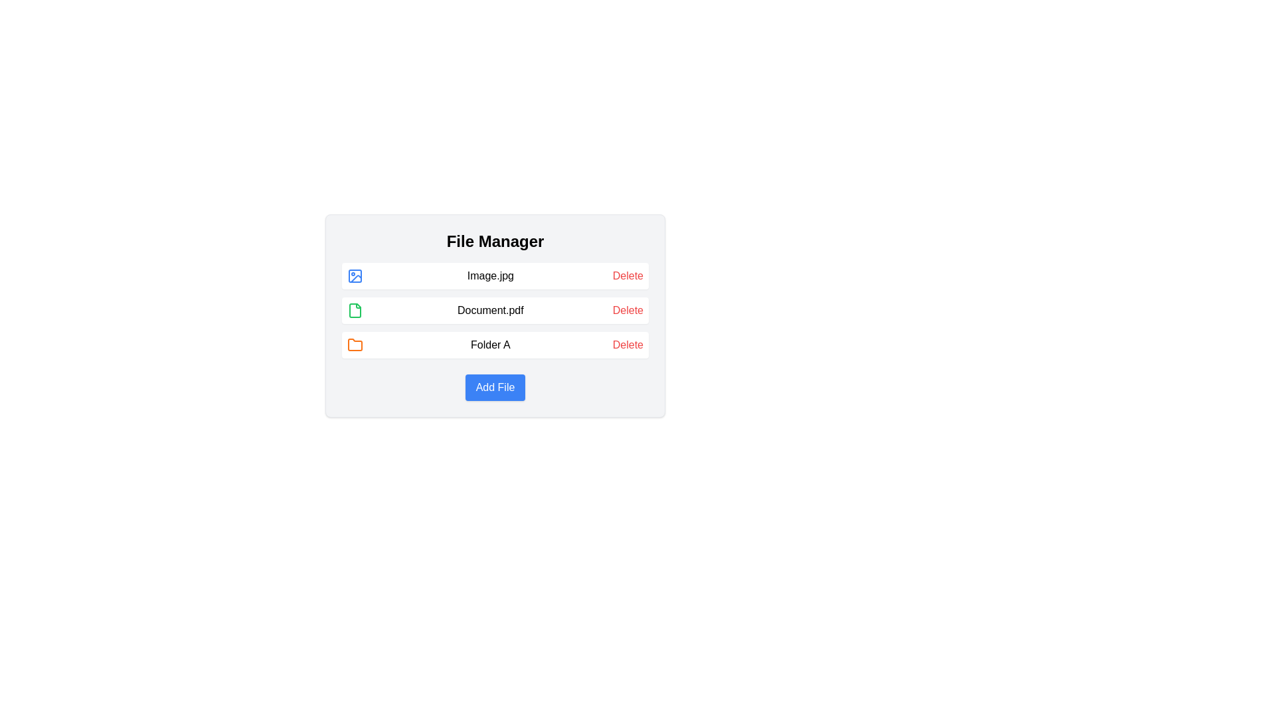 This screenshot has height=717, width=1275. Describe the element at coordinates (355, 344) in the screenshot. I see `the orange folder icon located to the left of the text 'Folder A' in the file manager interface` at that location.